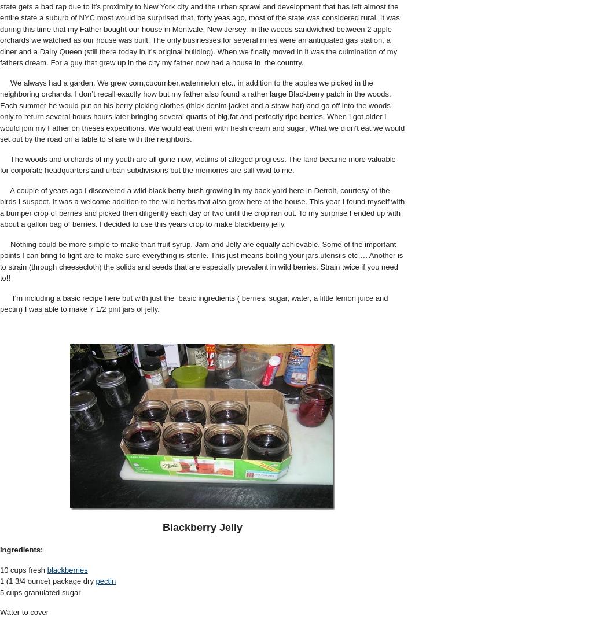 The height and width of the screenshot is (623, 595). What do you see at coordinates (105, 580) in the screenshot?
I see `'pectin'` at bounding box center [105, 580].